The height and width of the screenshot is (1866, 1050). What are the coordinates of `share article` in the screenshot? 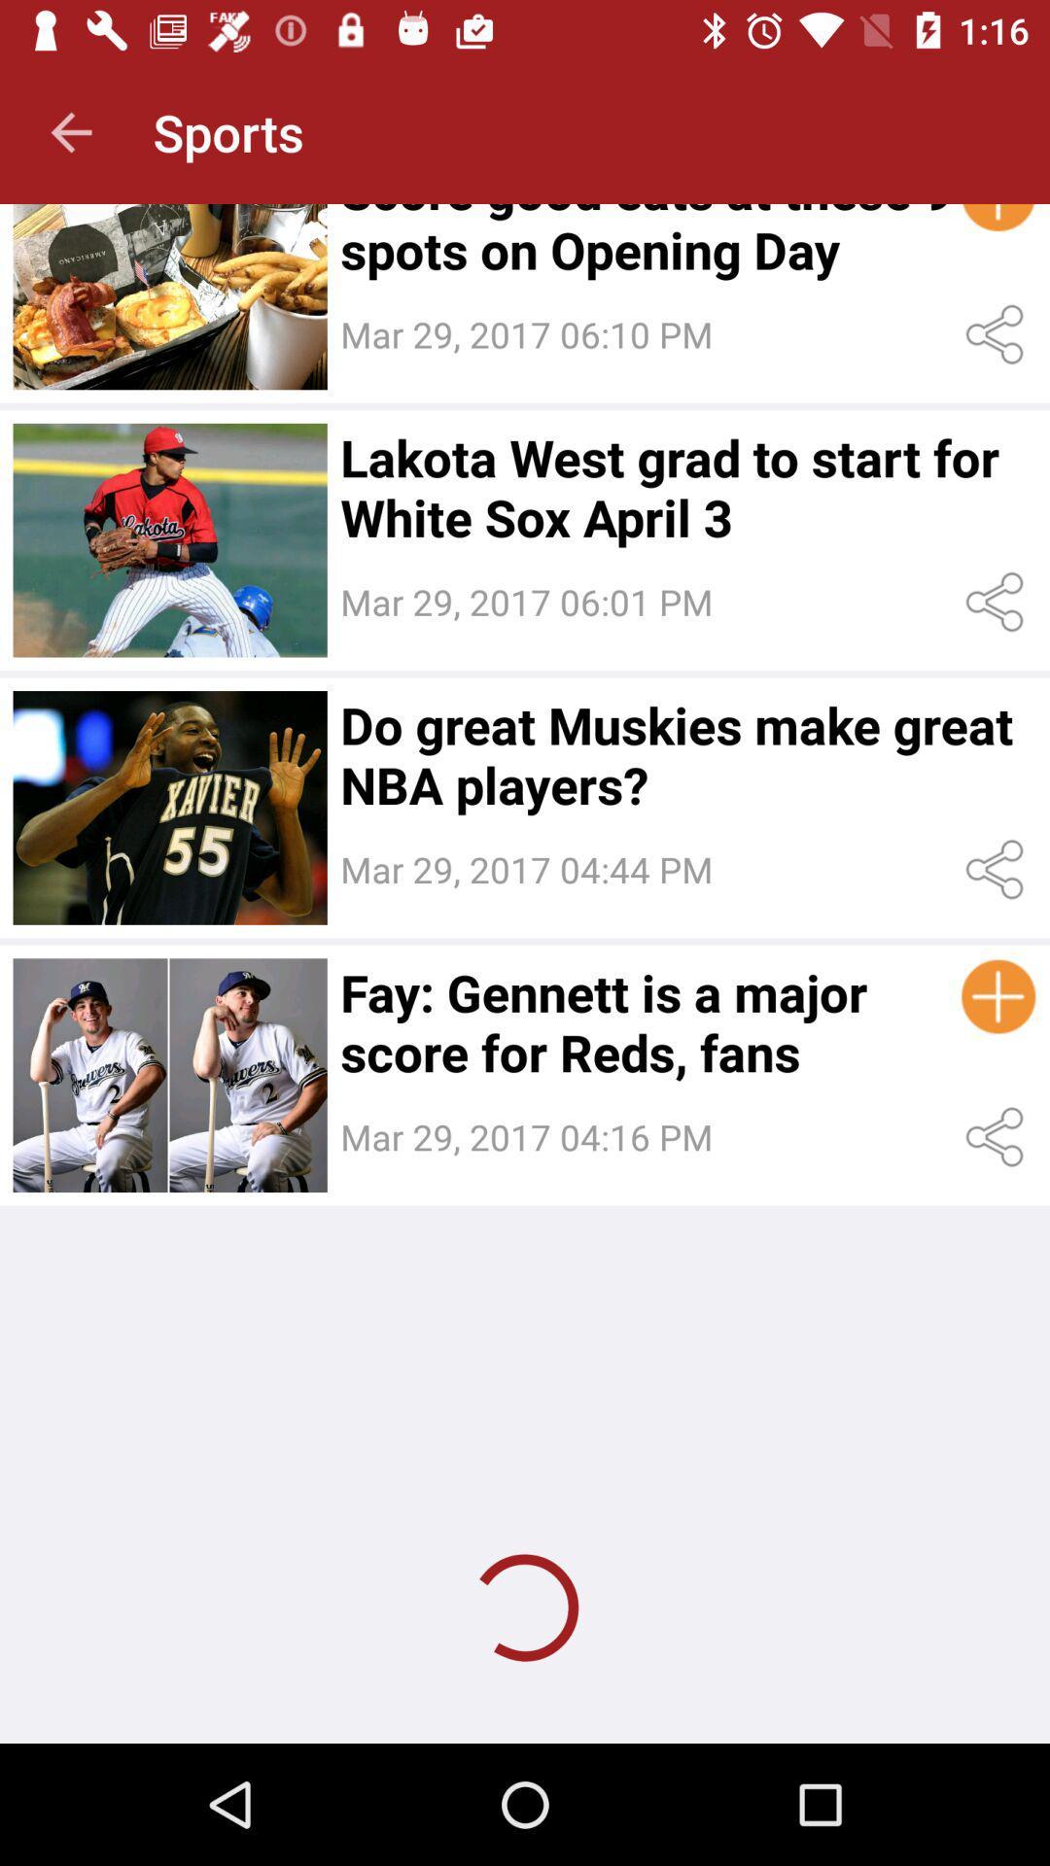 It's located at (998, 869).